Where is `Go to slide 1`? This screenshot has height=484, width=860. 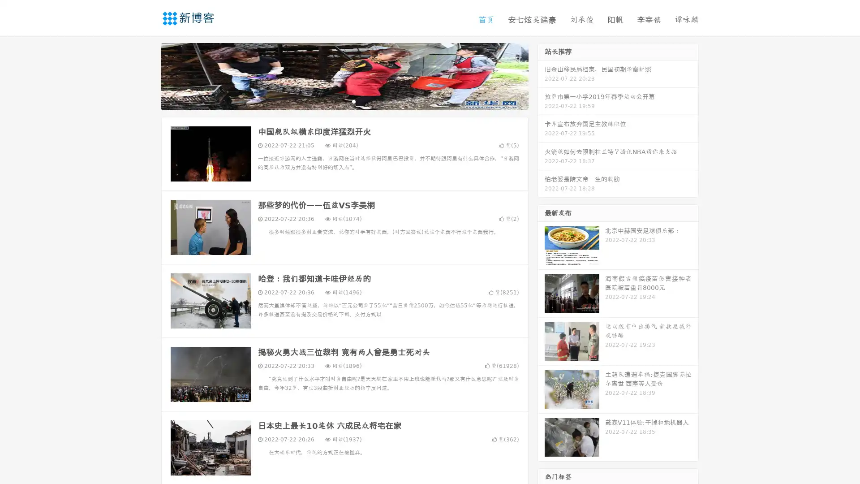
Go to slide 1 is located at coordinates (335, 101).